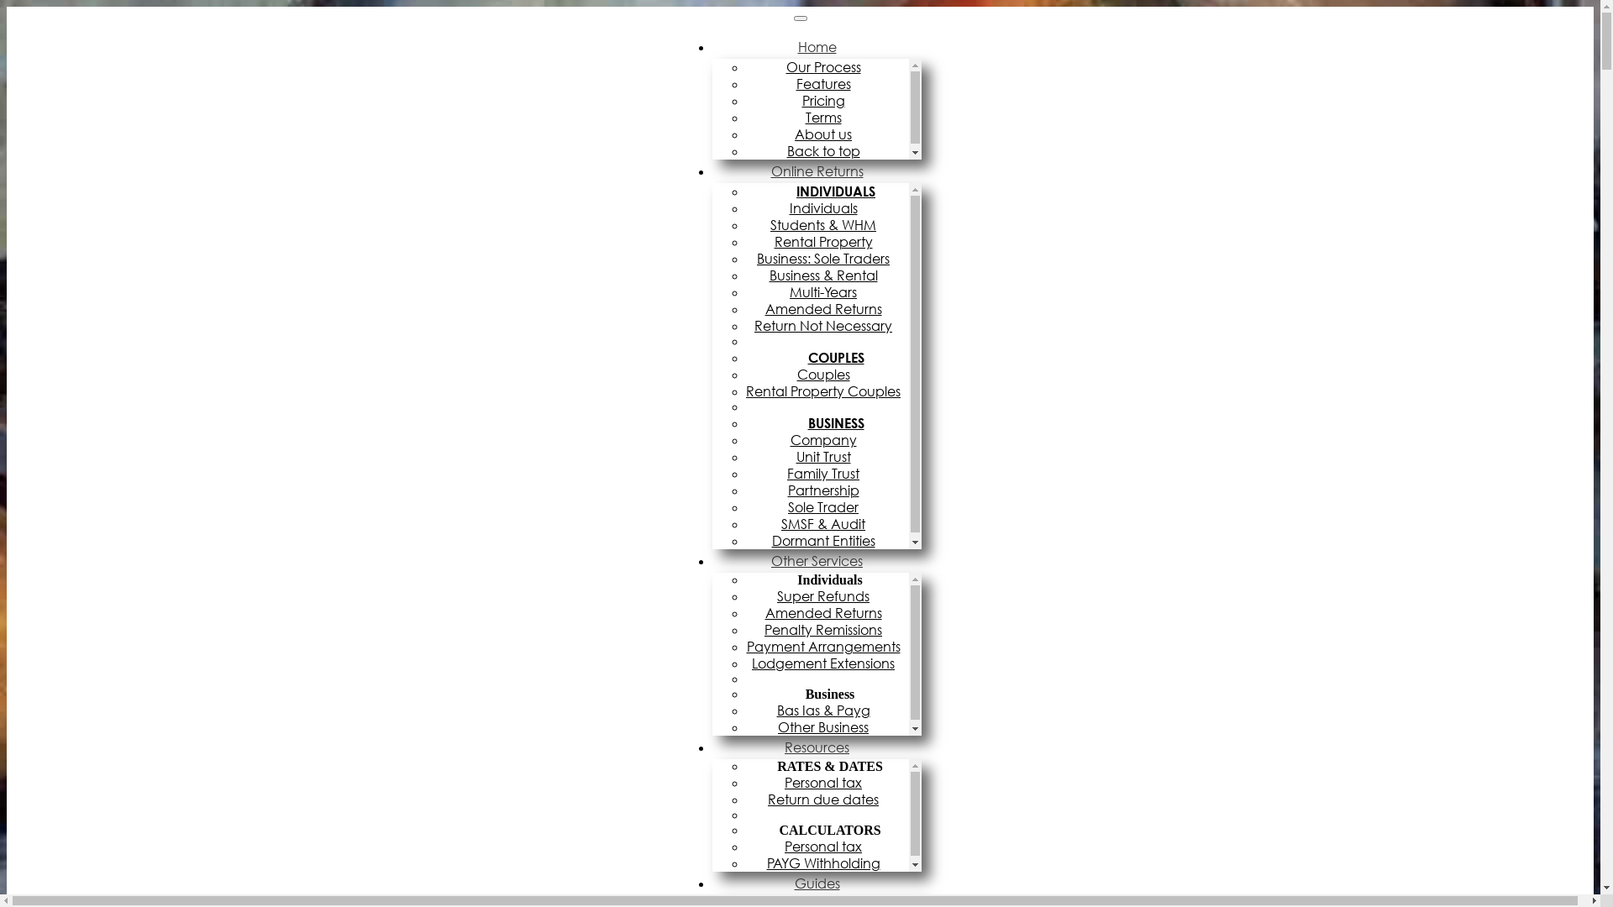 Image resolution: width=1613 pixels, height=907 pixels. Describe the element at coordinates (827, 223) in the screenshot. I see `'Students & WHM'` at that location.